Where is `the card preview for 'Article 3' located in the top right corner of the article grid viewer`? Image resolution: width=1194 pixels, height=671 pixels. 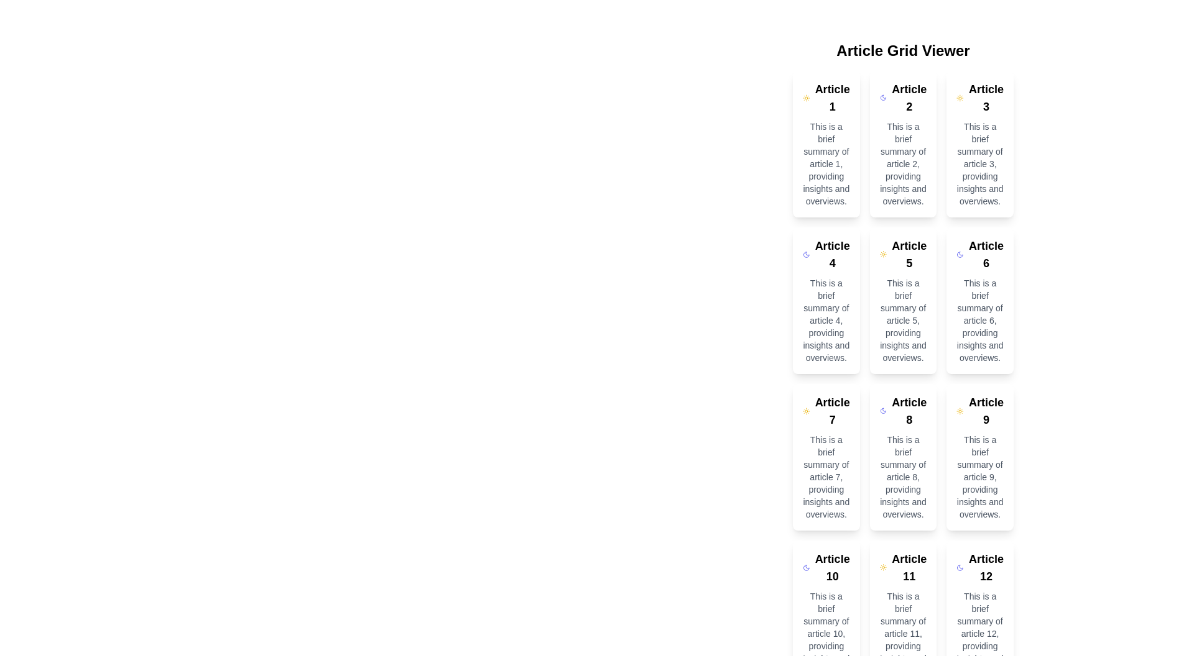
the card preview for 'Article 3' located in the top right corner of the article grid viewer is located at coordinates (979, 143).